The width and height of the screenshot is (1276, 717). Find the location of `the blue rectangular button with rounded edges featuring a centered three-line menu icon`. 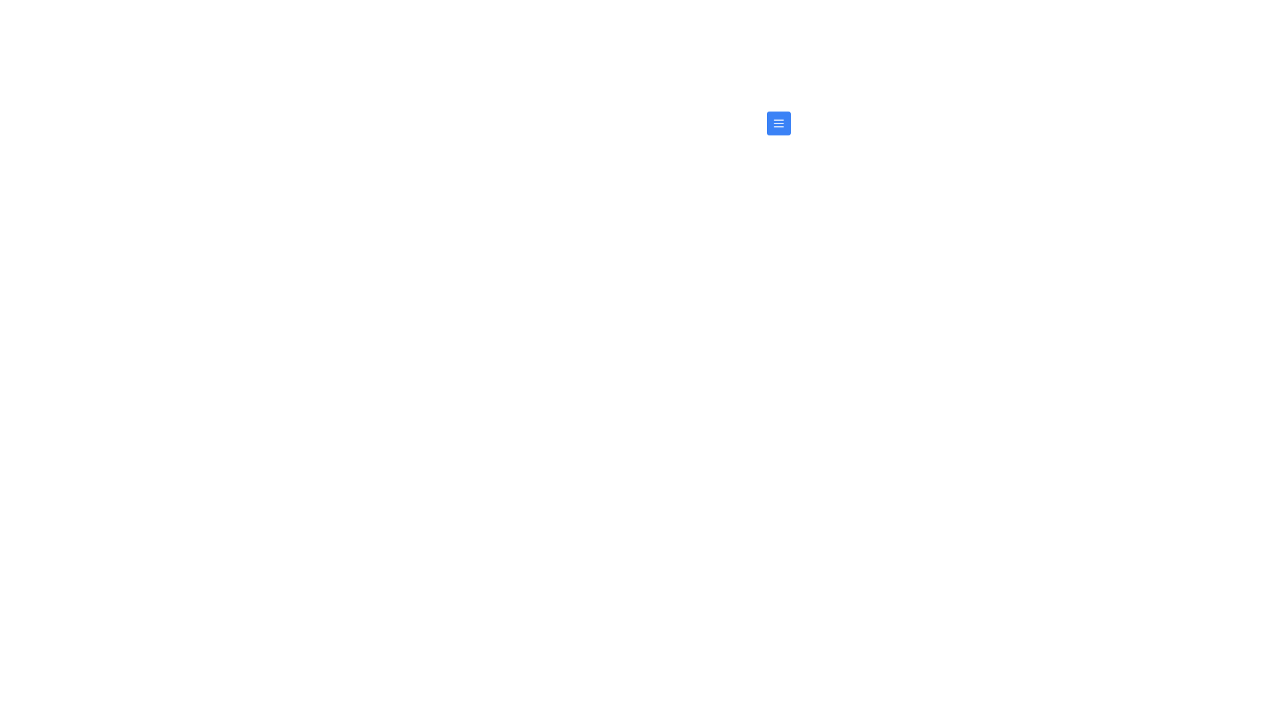

the blue rectangular button with rounded edges featuring a centered three-line menu icon is located at coordinates (778, 123).